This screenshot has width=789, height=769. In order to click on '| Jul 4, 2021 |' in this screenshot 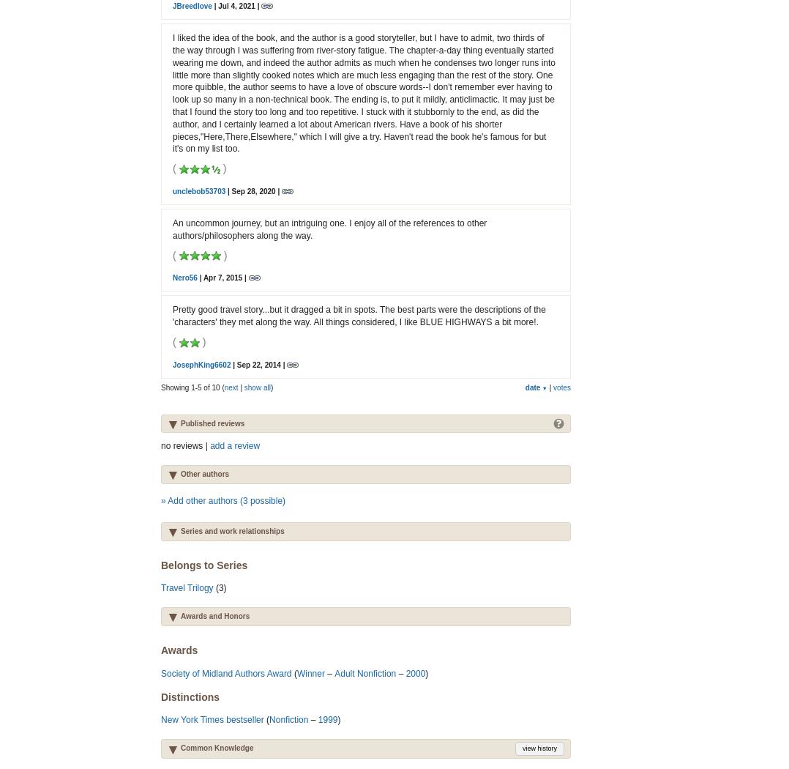, I will do `click(235, 6)`.